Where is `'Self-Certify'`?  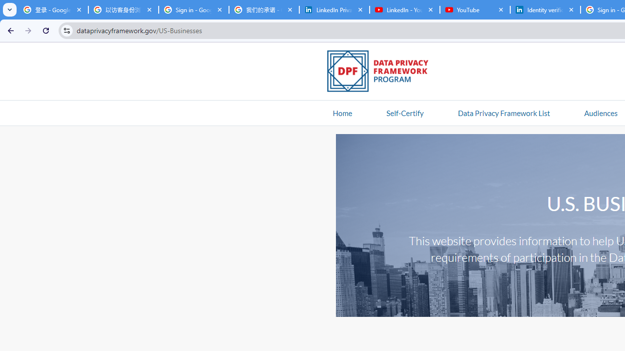 'Self-Certify' is located at coordinates (405, 112).